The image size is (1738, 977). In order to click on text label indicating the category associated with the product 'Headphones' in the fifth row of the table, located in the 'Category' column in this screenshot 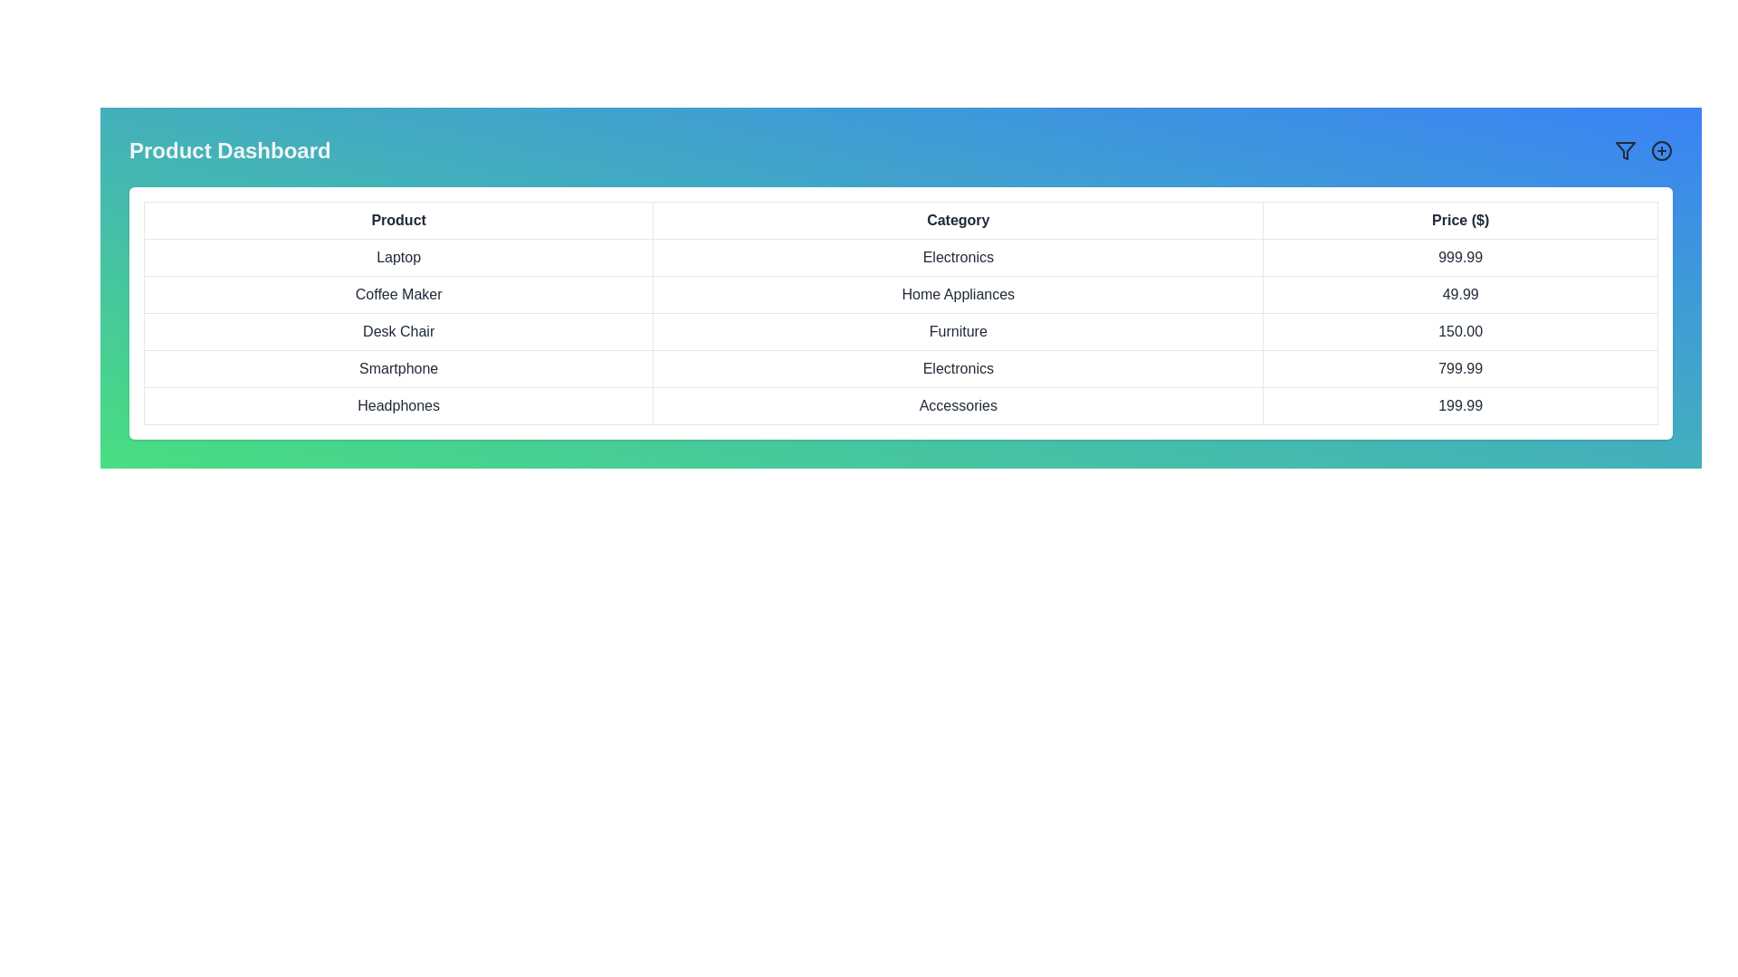, I will do `click(957, 404)`.